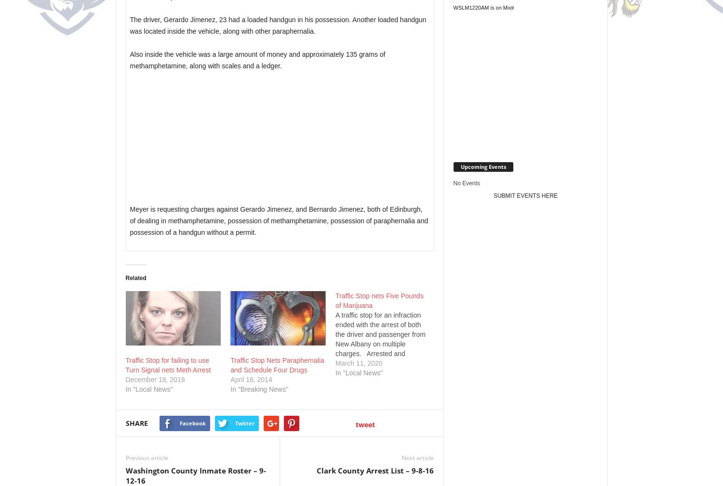  I want to click on 'tweet', so click(365, 424).